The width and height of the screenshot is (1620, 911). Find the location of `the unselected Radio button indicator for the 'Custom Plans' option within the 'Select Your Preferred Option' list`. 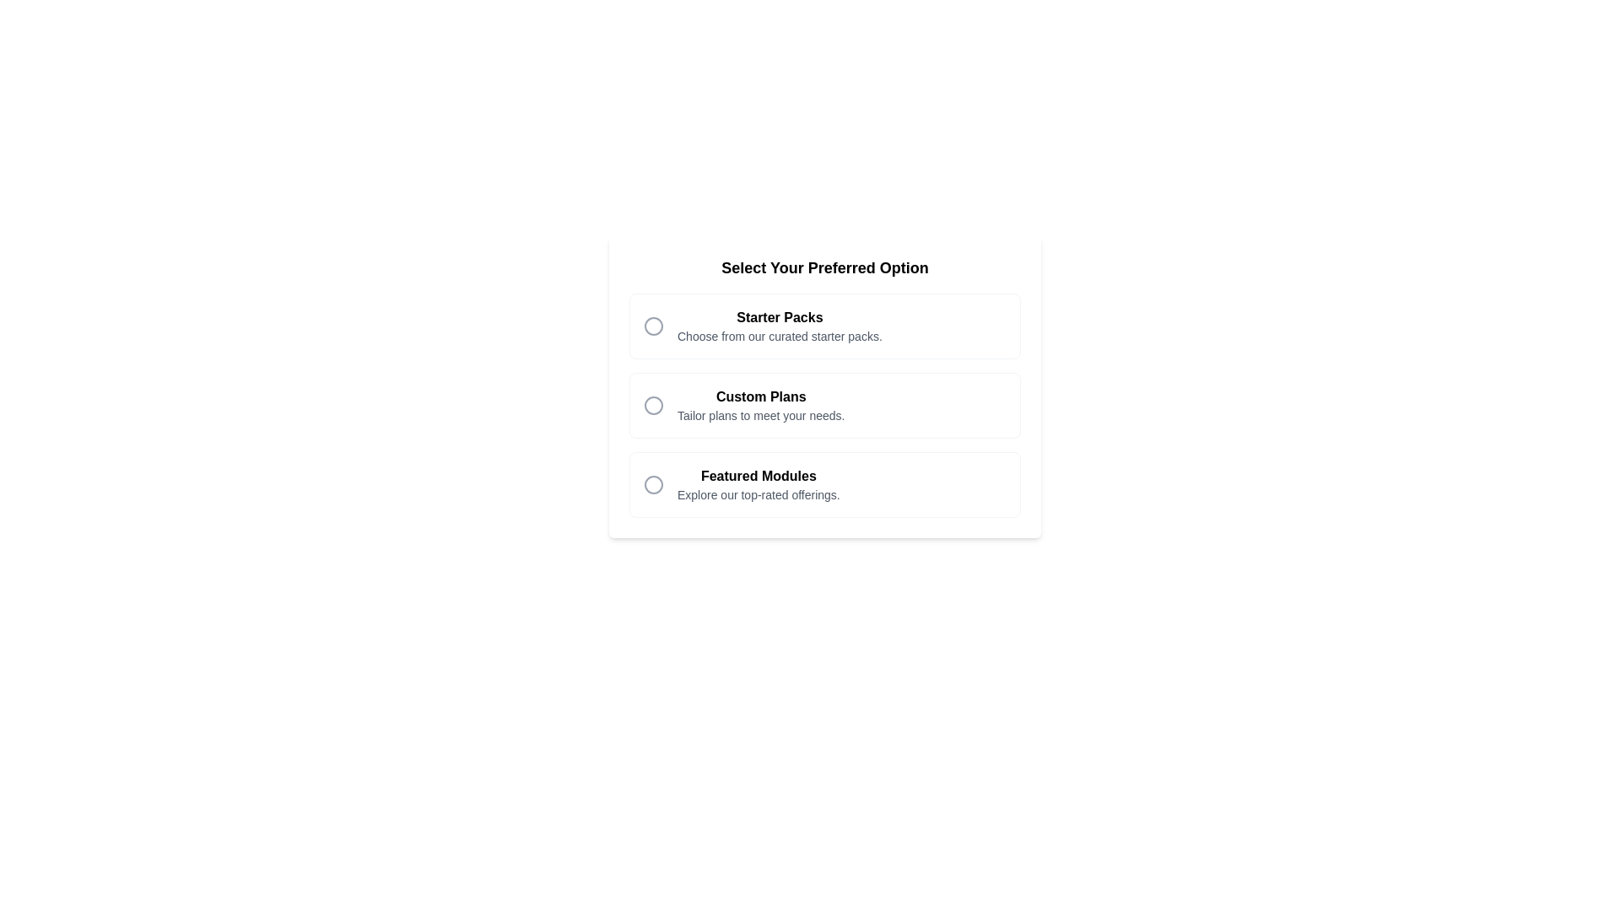

the unselected Radio button indicator for the 'Custom Plans' option within the 'Select Your Preferred Option' list is located at coordinates (652, 406).